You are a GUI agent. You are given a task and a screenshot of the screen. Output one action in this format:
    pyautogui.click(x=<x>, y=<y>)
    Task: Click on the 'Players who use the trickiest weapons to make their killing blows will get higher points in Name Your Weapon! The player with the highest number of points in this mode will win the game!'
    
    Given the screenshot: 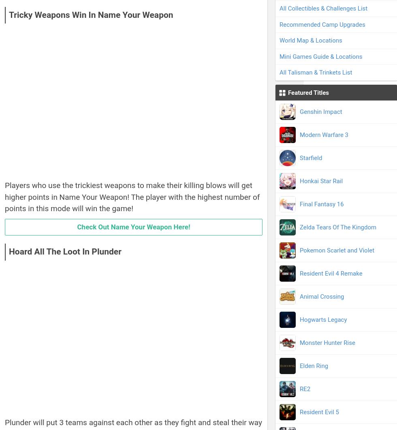 What is the action you would take?
    pyautogui.click(x=132, y=197)
    